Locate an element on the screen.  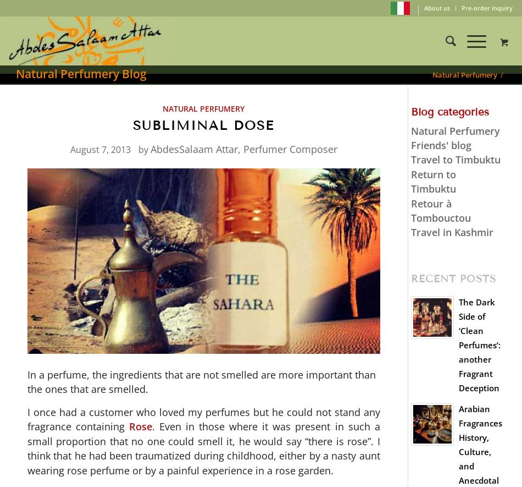
'In a perfume, the ingredients that are not smelled are more important than the ones that are smelled.' is located at coordinates (201, 381).